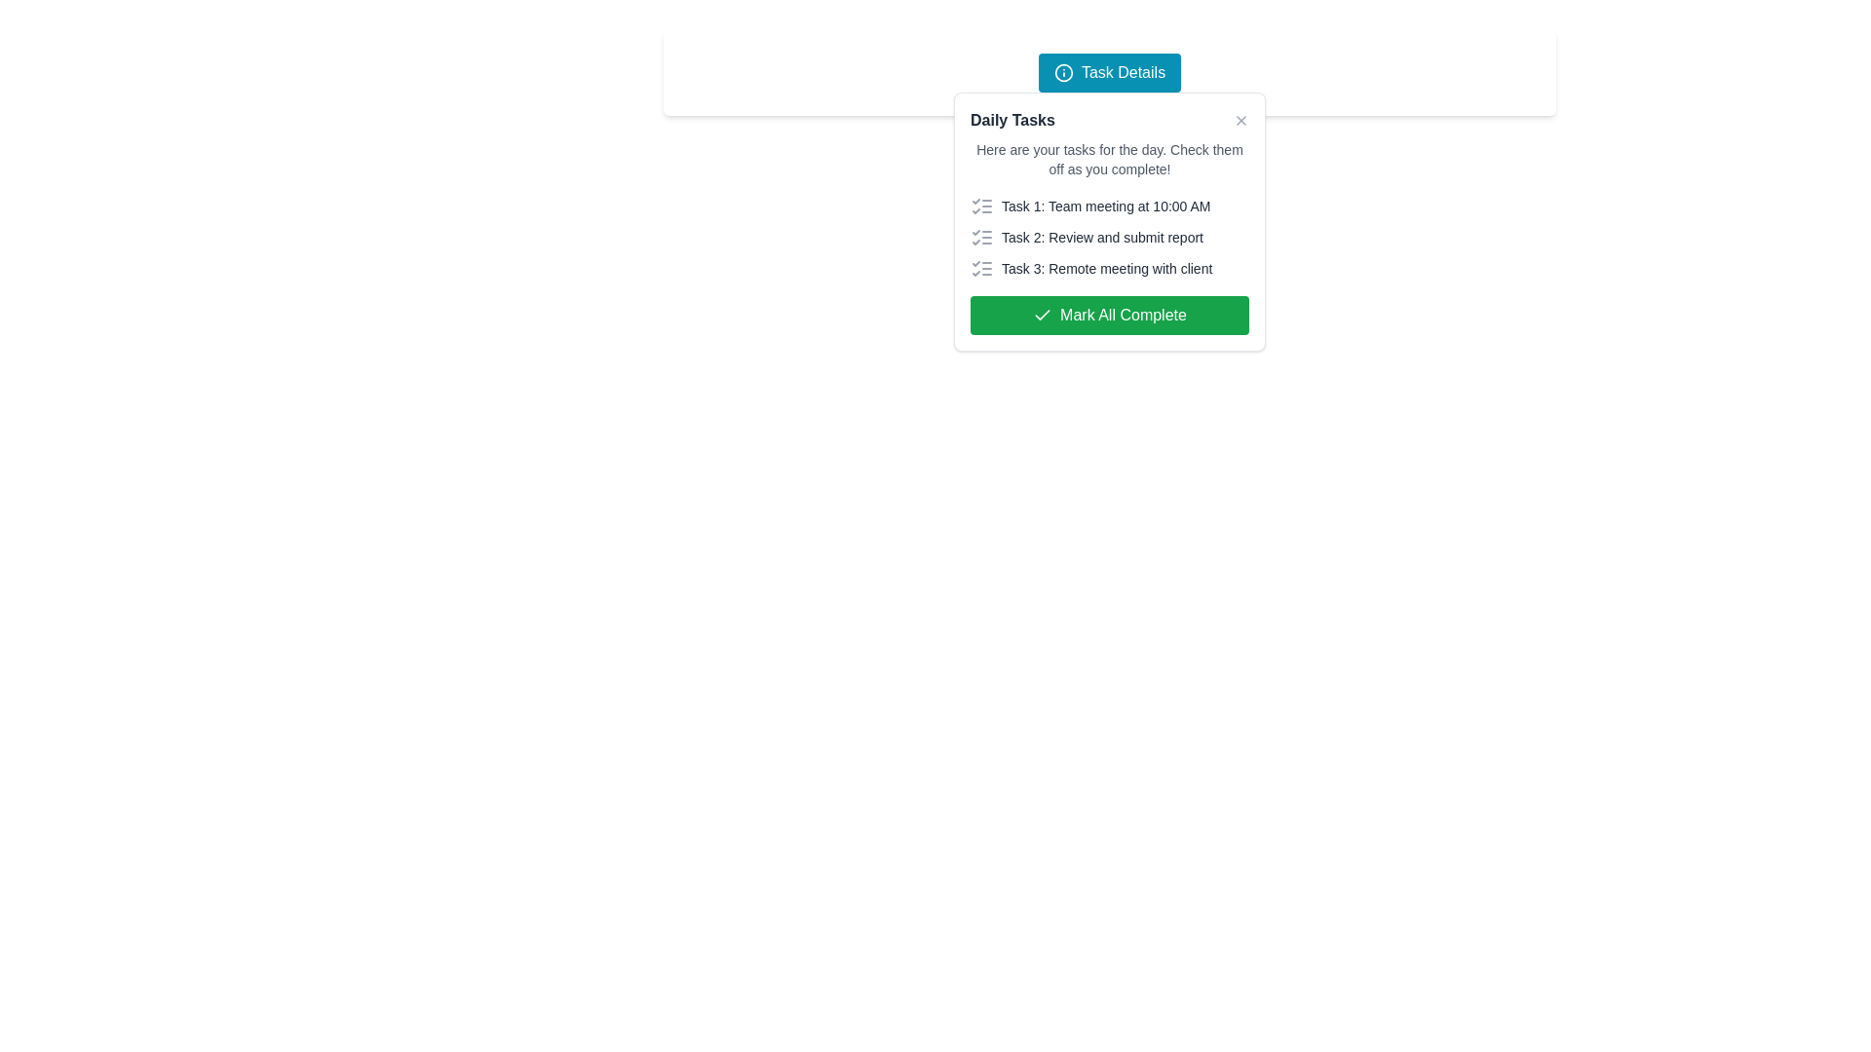 Image resolution: width=1871 pixels, height=1052 pixels. Describe the element at coordinates (1012, 120) in the screenshot. I see `the prominent heading text 'Daily Tasks' styled in bold dark gray, located in the top section of the popup card` at that location.